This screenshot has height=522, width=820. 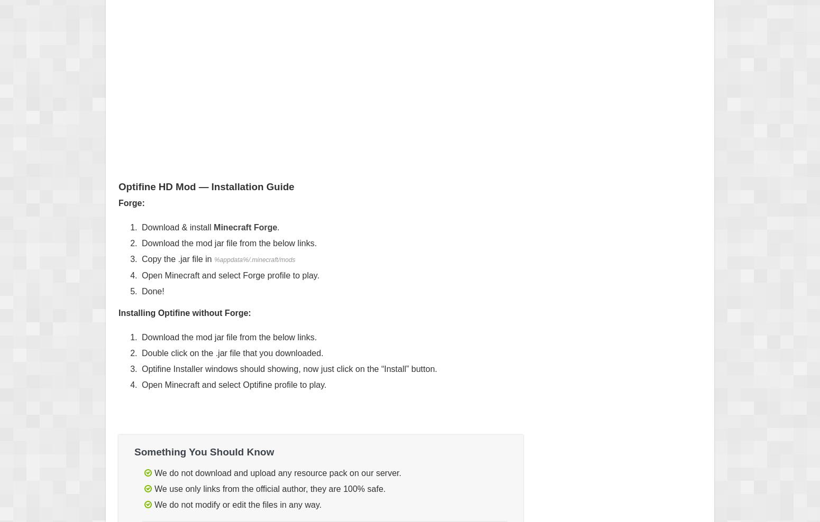 What do you see at coordinates (177, 259) in the screenshot?
I see `'Copy the .jar file in'` at bounding box center [177, 259].